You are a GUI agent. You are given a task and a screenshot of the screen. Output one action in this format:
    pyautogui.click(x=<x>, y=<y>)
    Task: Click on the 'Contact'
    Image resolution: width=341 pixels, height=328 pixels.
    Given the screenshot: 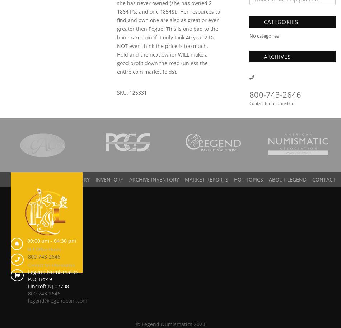 What is the action you would take?
    pyautogui.click(x=323, y=179)
    